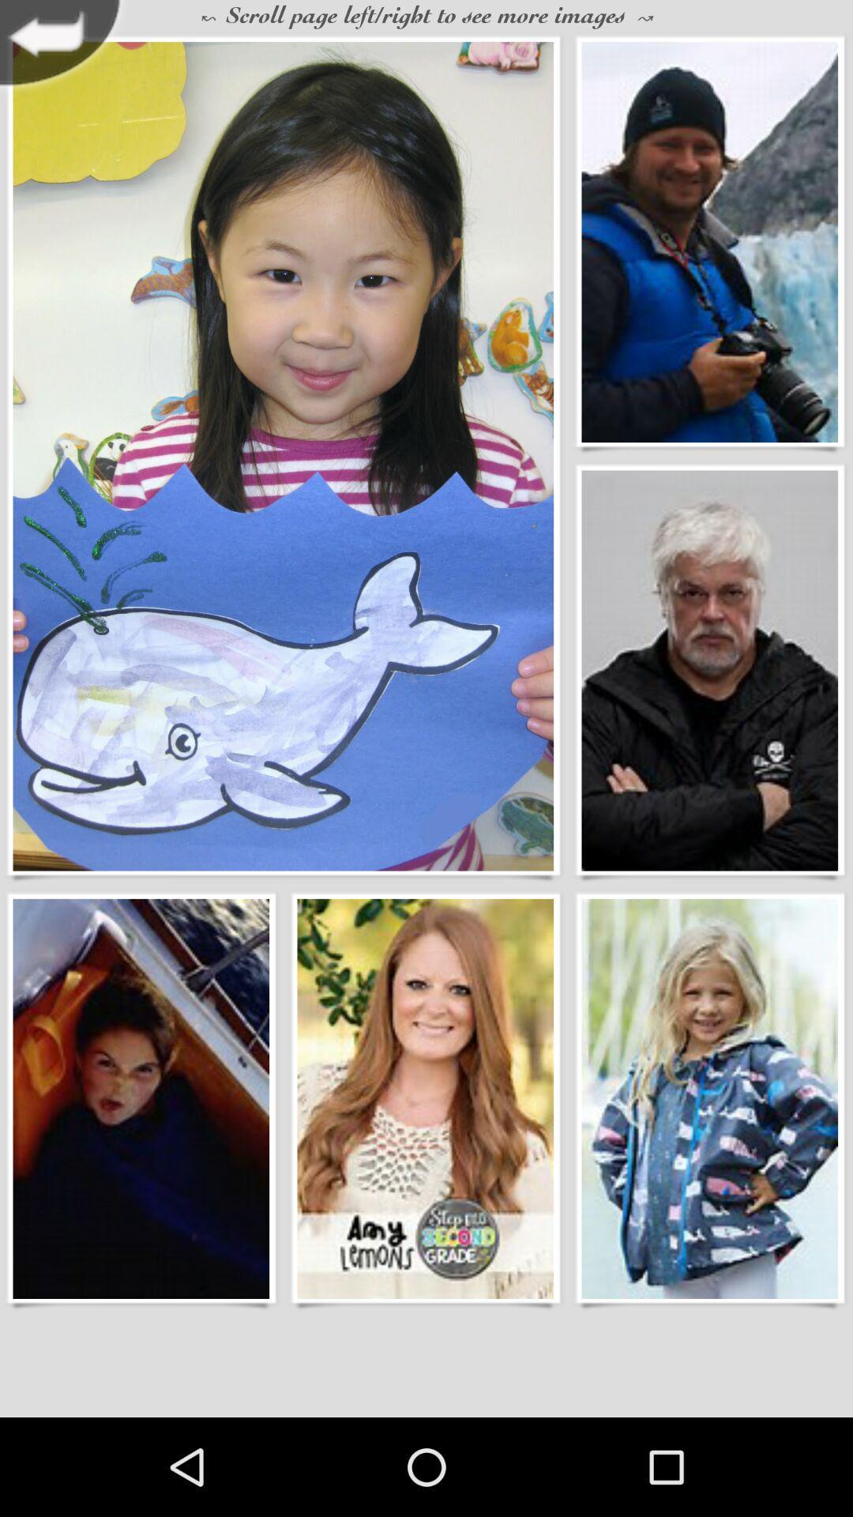  What do you see at coordinates (64, 47) in the screenshot?
I see `previous page` at bounding box center [64, 47].